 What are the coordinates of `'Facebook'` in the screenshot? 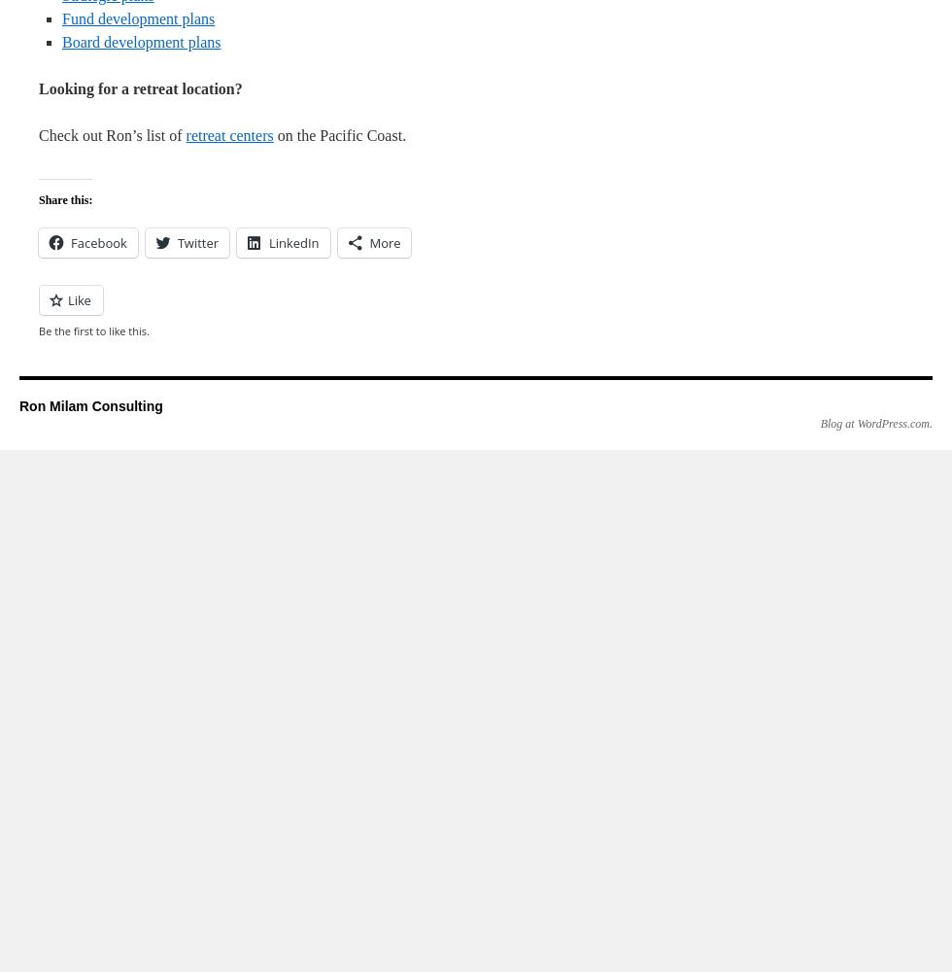 It's located at (71, 243).